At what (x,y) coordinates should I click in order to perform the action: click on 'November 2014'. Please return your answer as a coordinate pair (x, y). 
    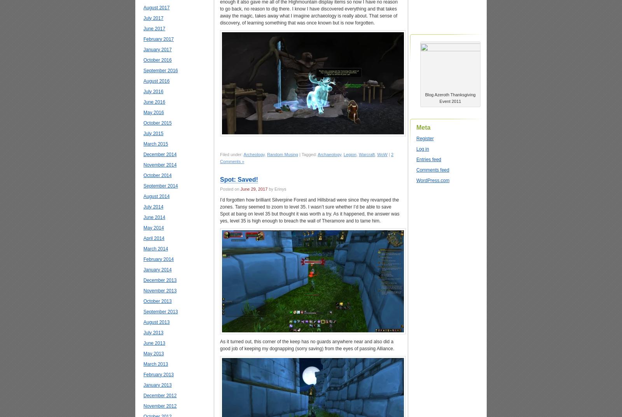
    Looking at the image, I should click on (159, 165).